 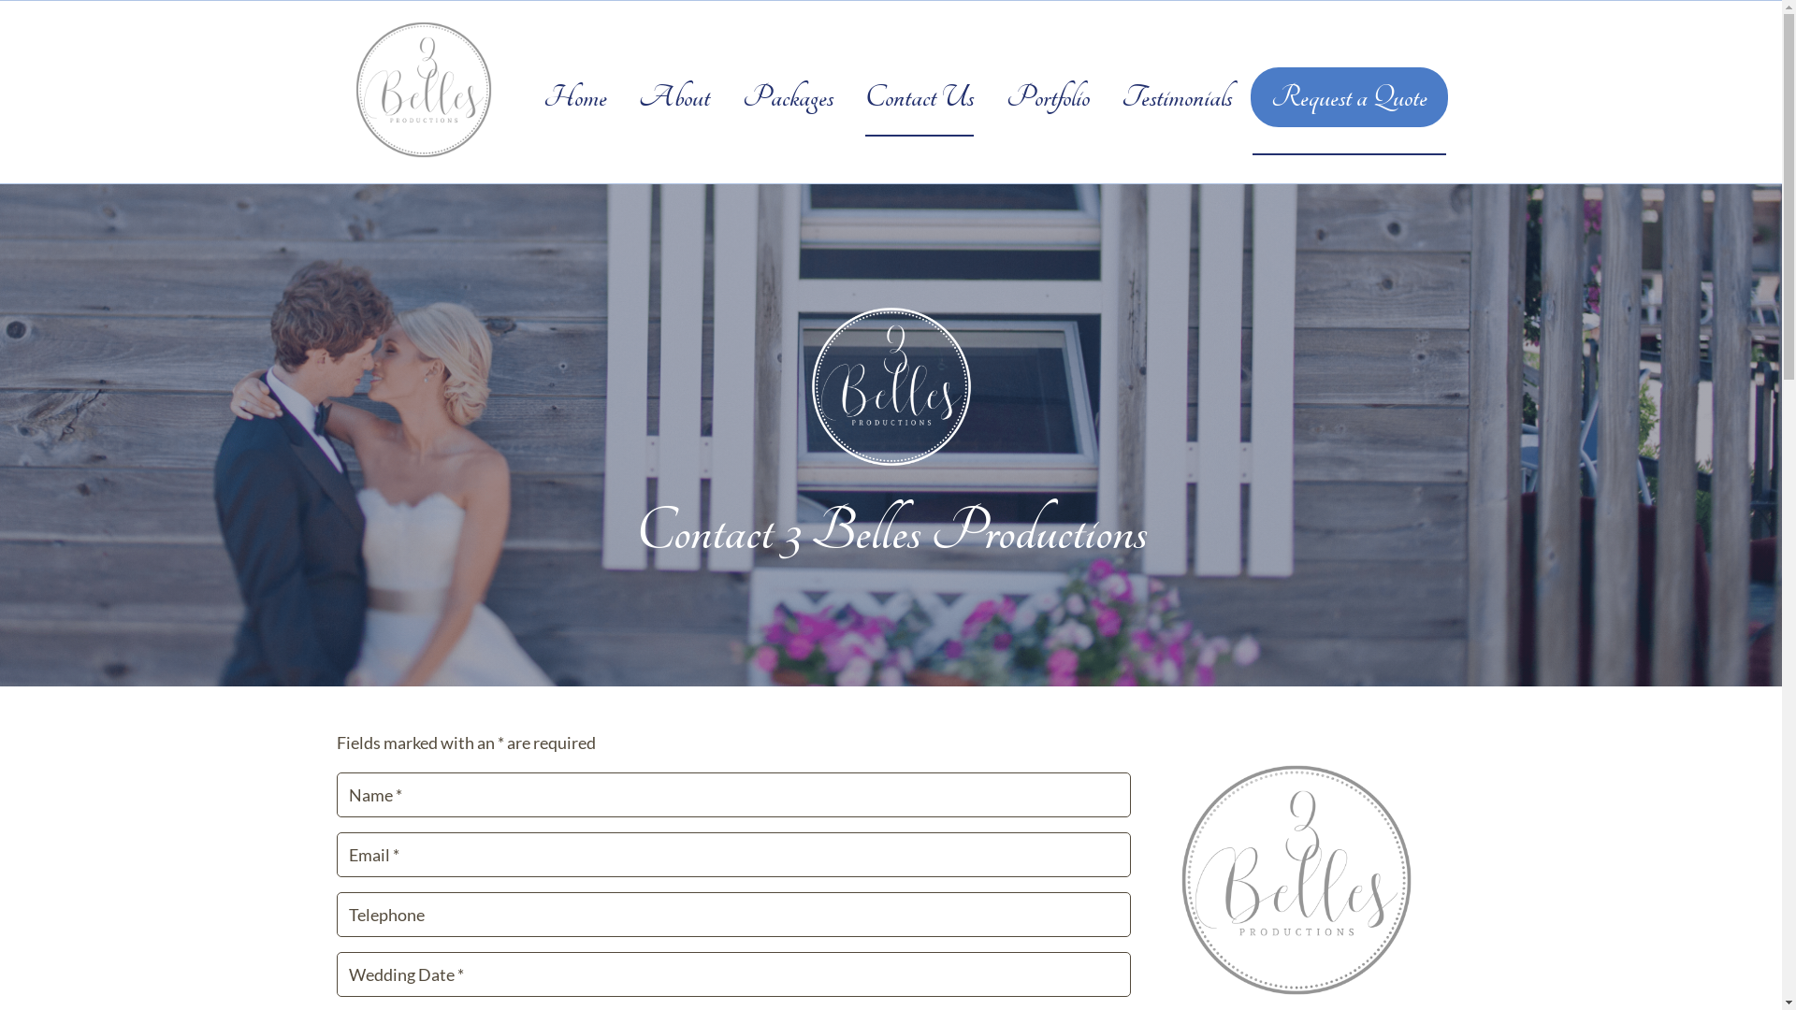 What do you see at coordinates (1048, 97) in the screenshot?
I see `'Portfolio'` at bounding box center [1048, 97].